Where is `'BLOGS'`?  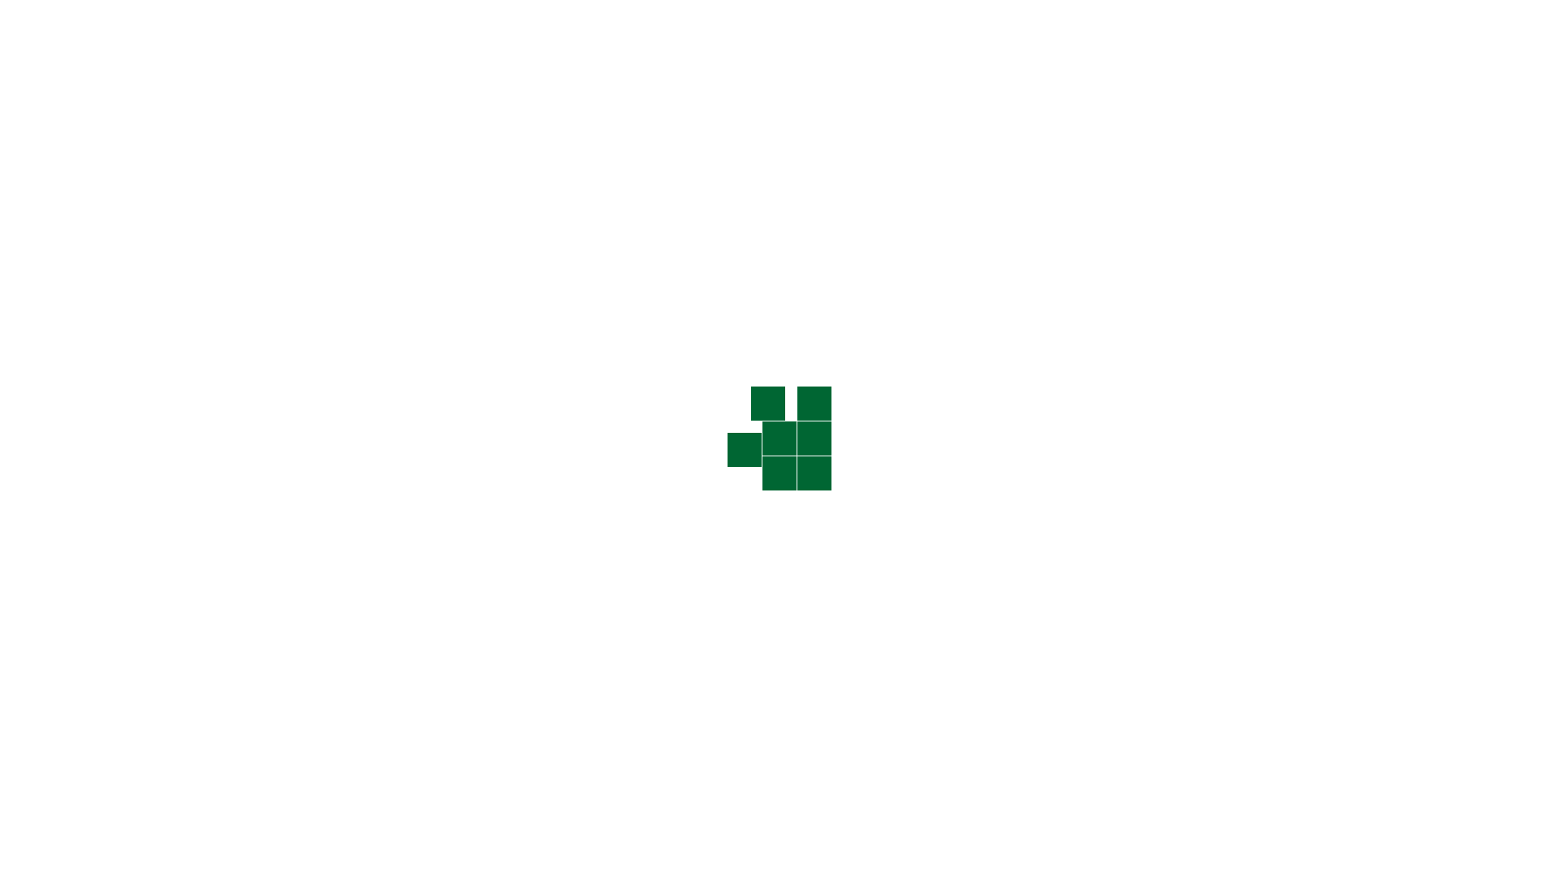 'BLOGS' is located at coordinates (977, 68).